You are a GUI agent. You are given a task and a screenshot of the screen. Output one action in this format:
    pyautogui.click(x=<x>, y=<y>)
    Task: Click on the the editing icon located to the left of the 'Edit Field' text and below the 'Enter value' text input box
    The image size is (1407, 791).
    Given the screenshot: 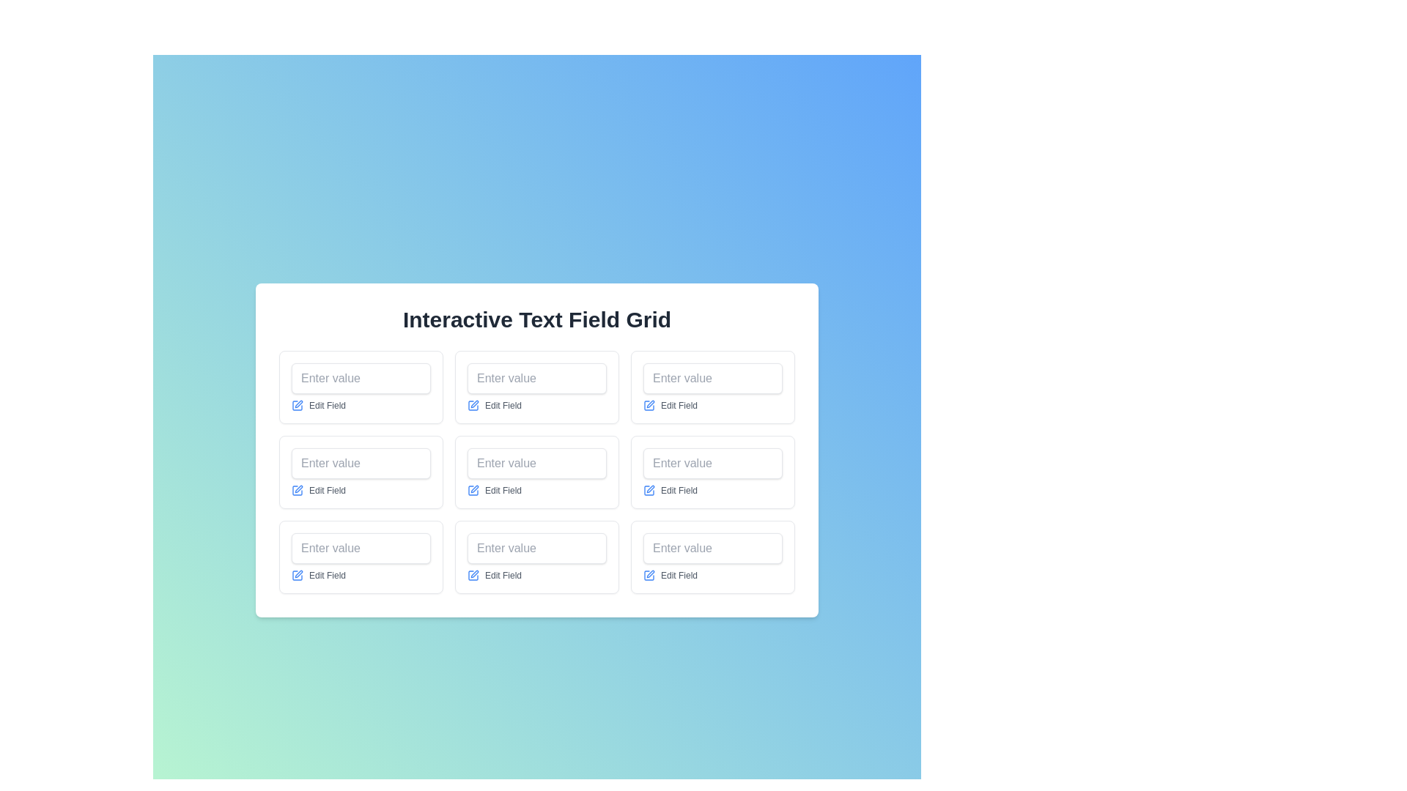 What is the action you would take?
    pyautogui.click(x=297, y=406)
    